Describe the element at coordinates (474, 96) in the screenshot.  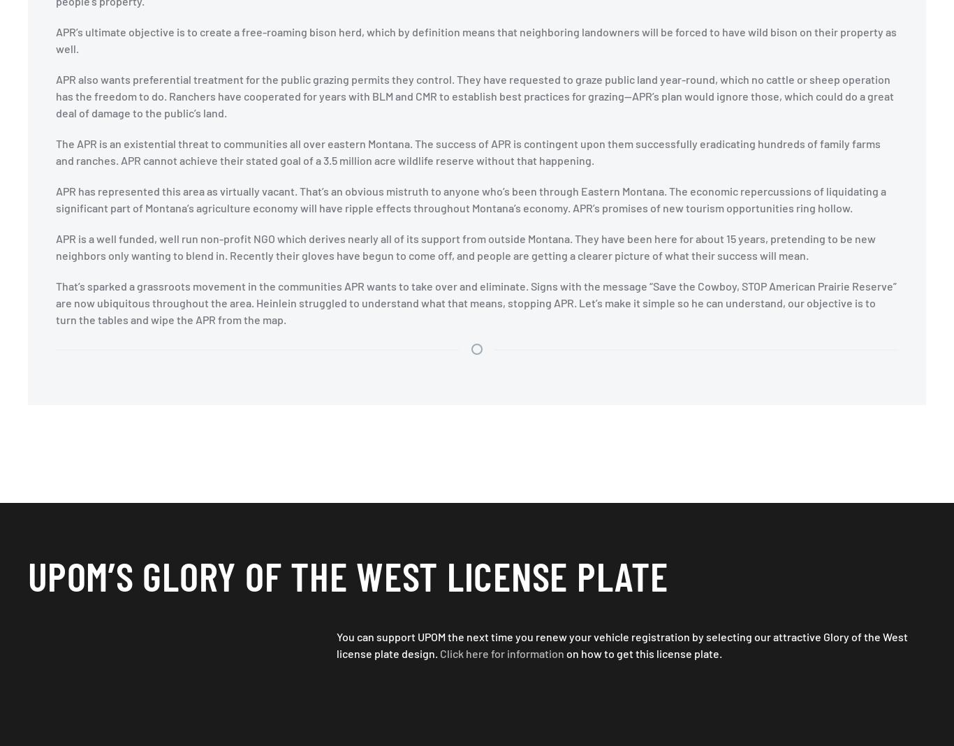
I see `'APR also wants preferential treatment for the public grazing permits they control. They have requested to graze public land year-round, which no cattle or sheep operation has the freedom to do. Ranchers have cooperated for years with BLM and CMR to establish best practices for grazing—APR’s plan would ignore those, which could do a great deal of damage to the public’s land.'` at that location.